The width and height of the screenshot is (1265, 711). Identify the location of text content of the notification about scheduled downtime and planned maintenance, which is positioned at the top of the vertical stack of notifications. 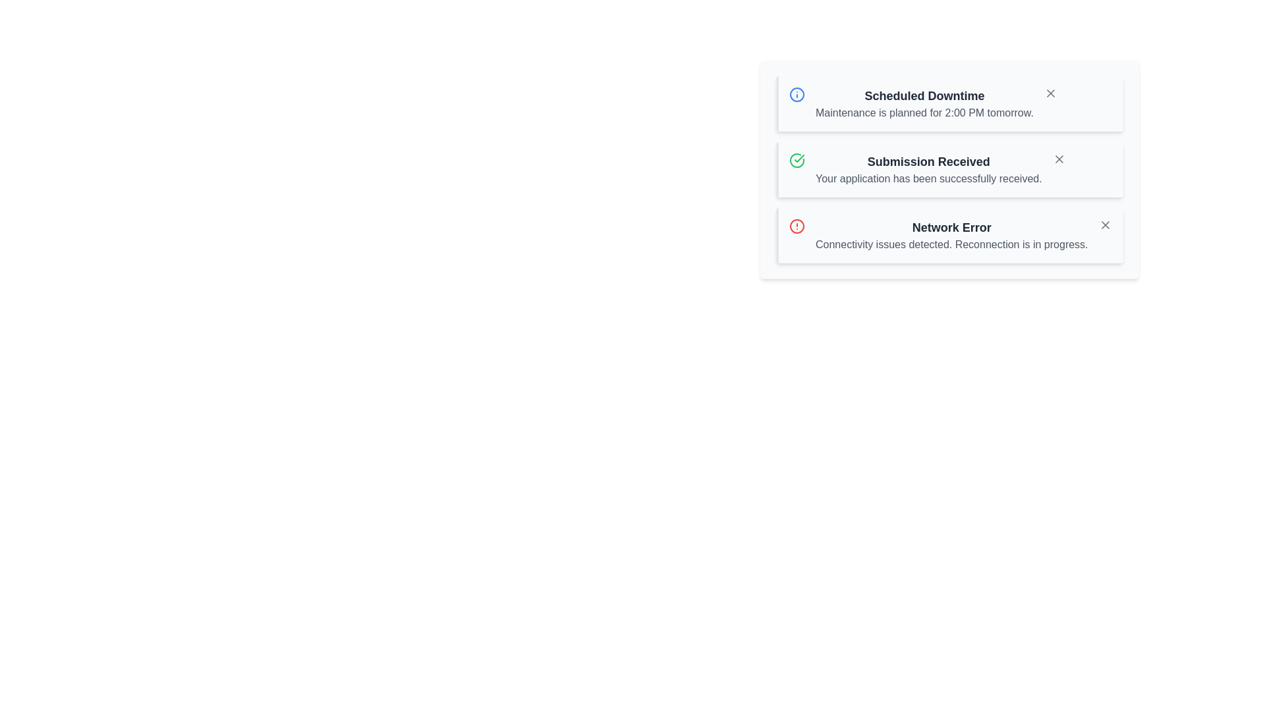
(924, 103).